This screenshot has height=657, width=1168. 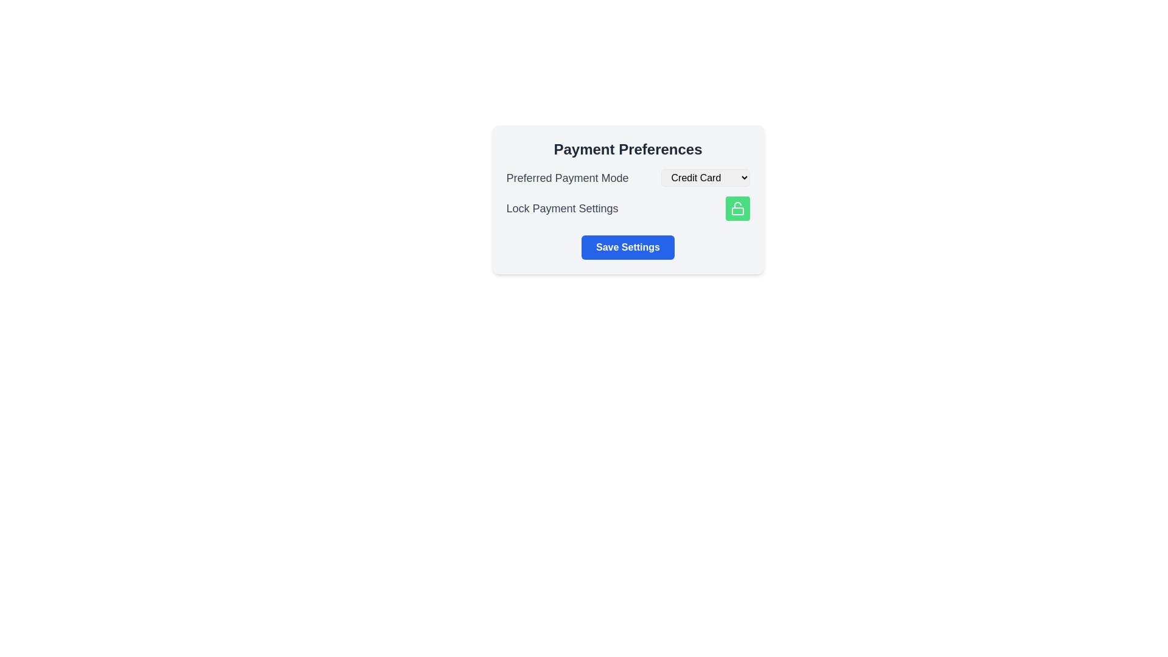 What do you see at coordinates (628, 247) in the screenshot?
I see `the 'Save Settings' button, which is a rectangular button with a blue background and white bold text` at bounding box center [628, 247].